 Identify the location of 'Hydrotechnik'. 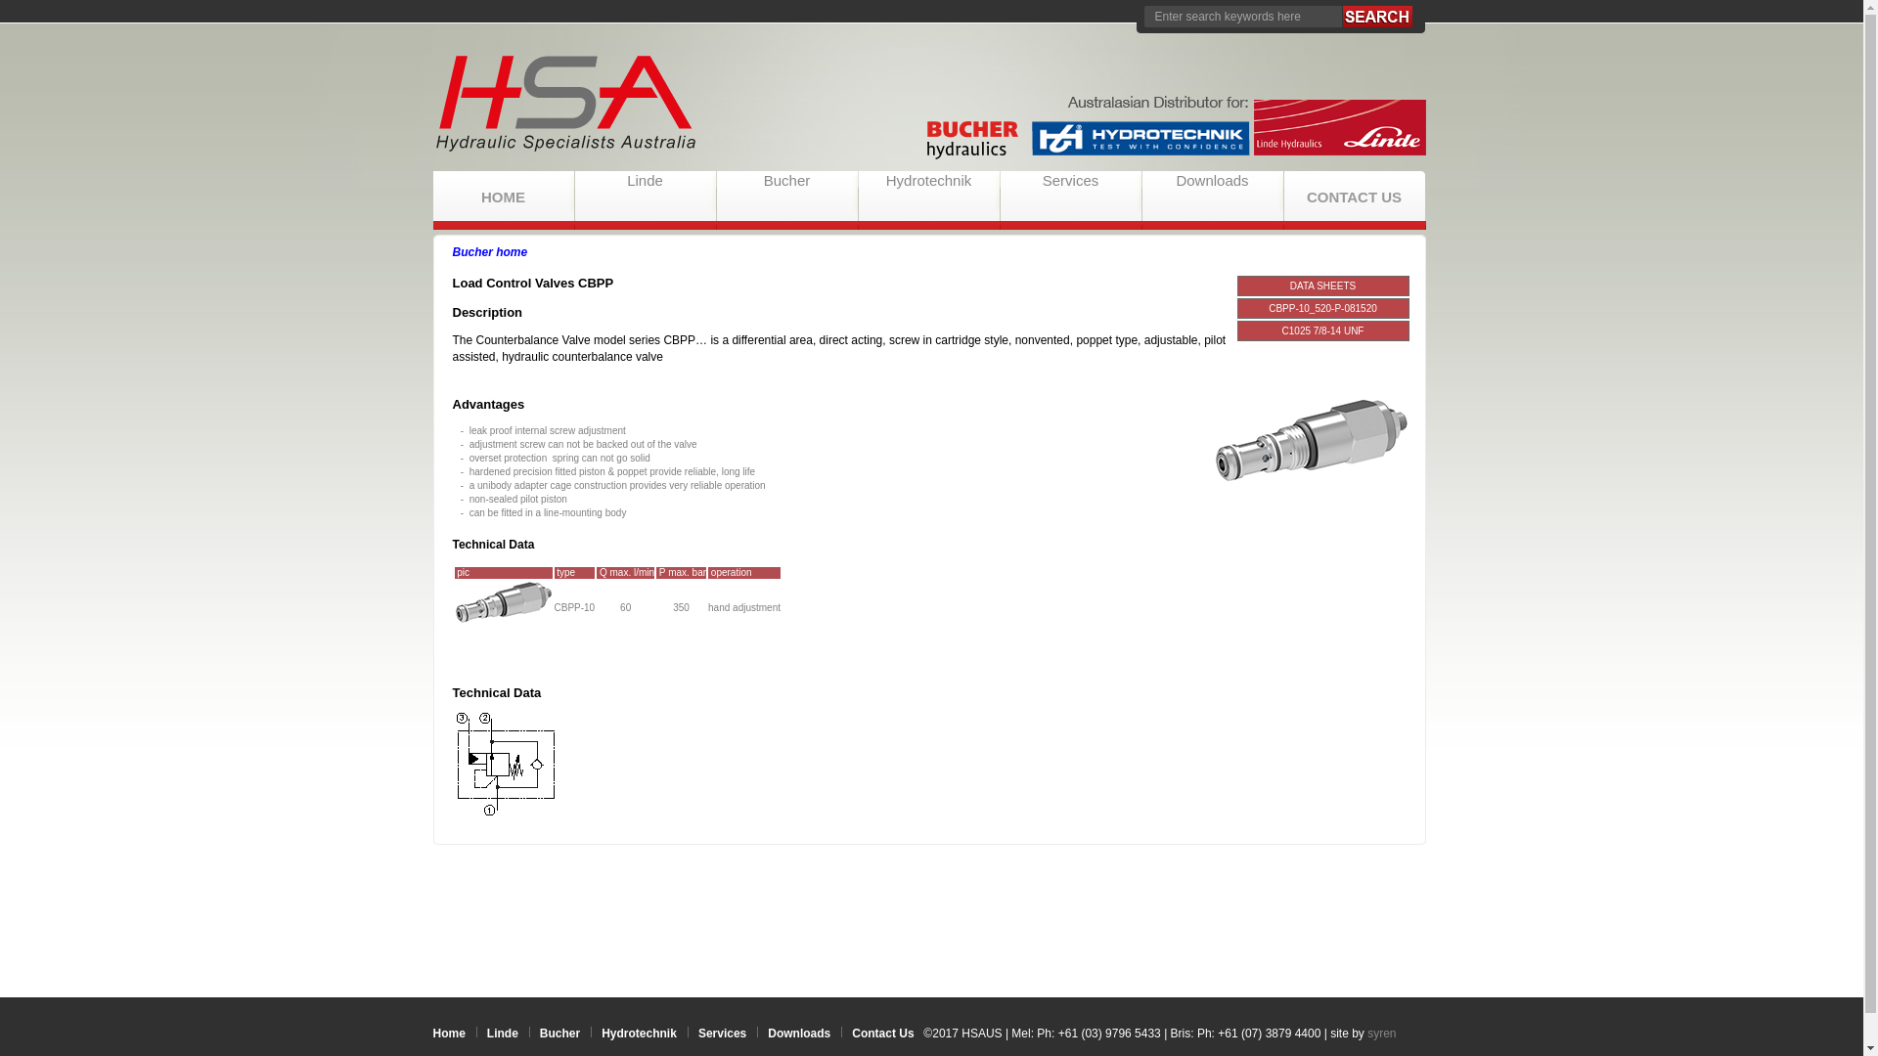
(639, 1032).